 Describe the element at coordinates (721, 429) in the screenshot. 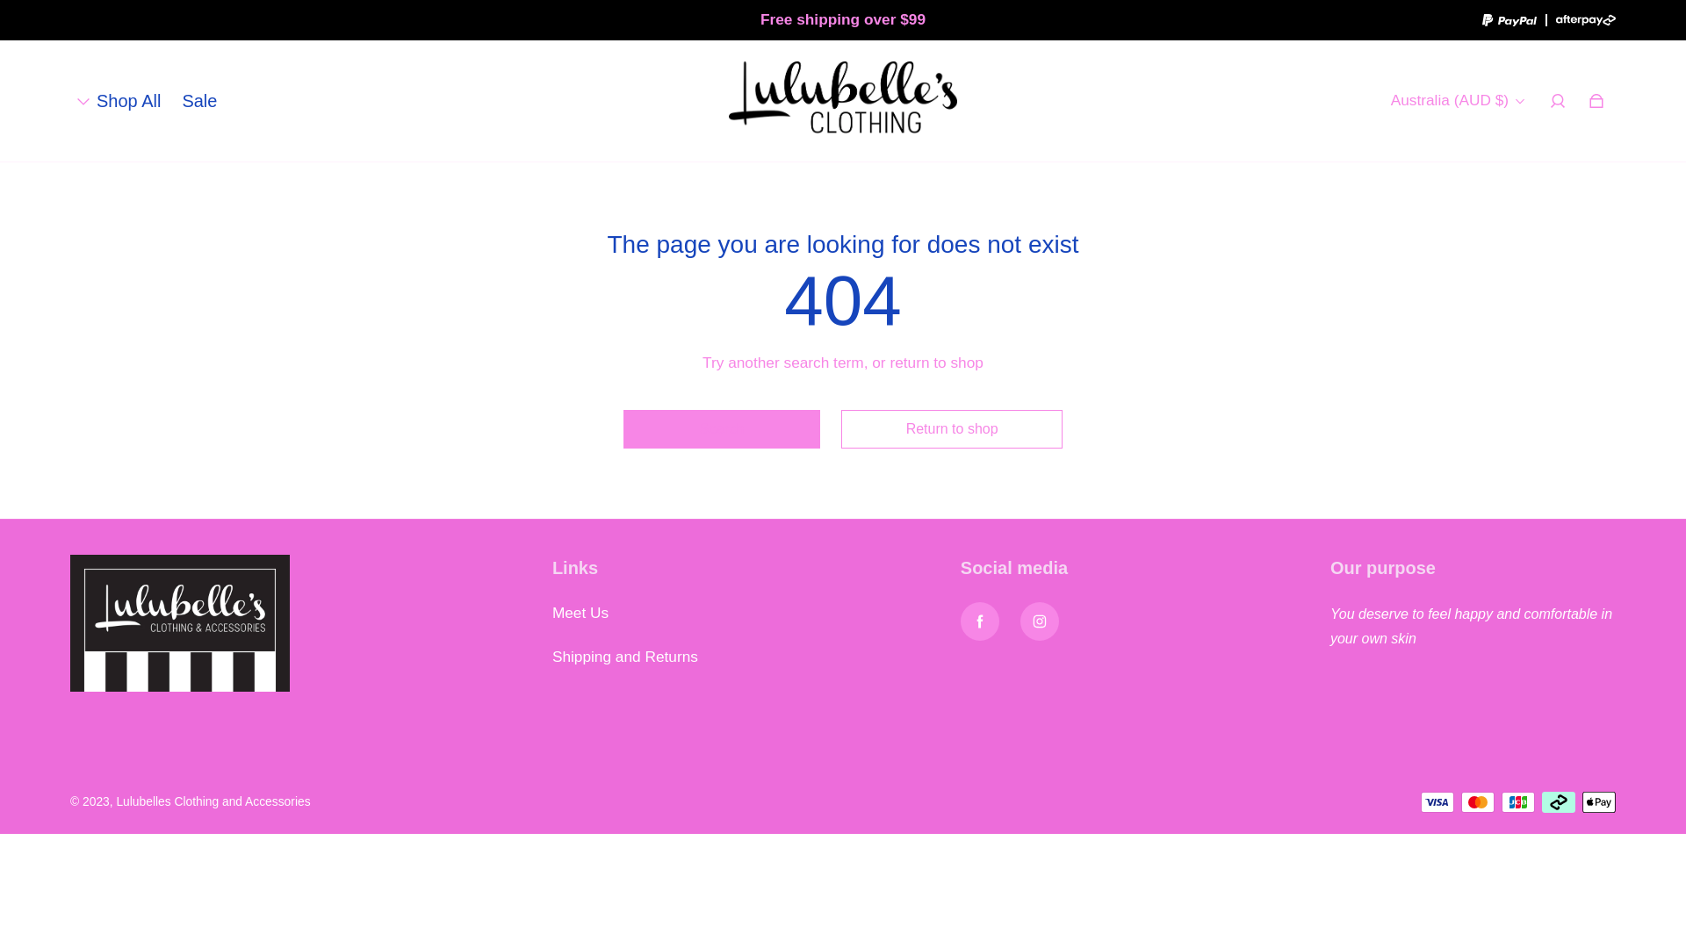

I see `'Search'` at that location.